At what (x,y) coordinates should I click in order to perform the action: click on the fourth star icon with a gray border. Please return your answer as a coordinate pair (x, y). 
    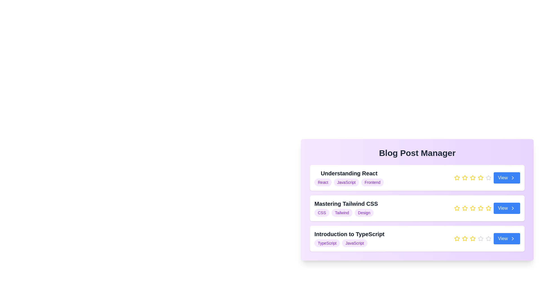
    Looking at the image, I should click on (480, 238).